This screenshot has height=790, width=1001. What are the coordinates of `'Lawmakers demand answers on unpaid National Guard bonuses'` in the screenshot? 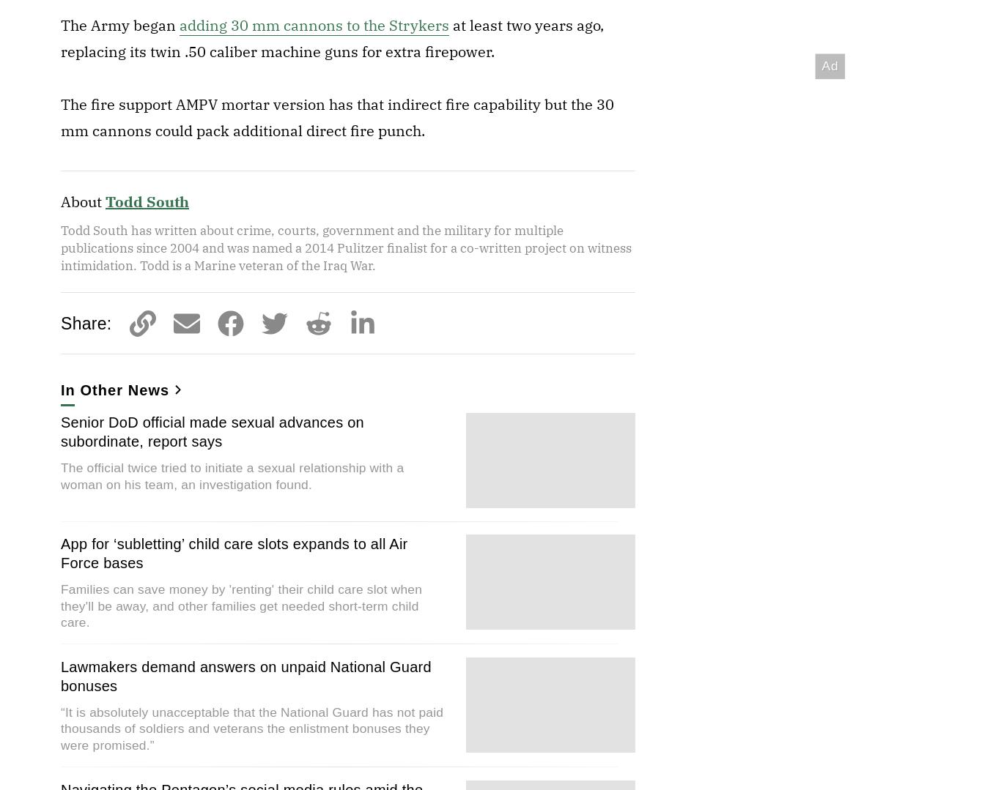 It's located at (245, 675).